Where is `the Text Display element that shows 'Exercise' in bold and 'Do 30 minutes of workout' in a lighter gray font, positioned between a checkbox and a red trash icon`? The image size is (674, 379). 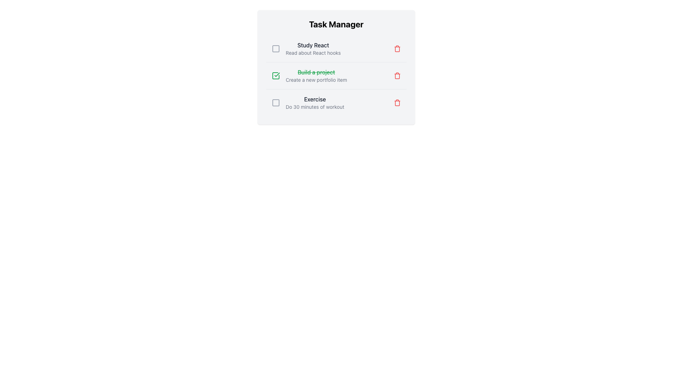 the Text Display element that shows 'Exercise' in bold and 'Do 30 minutes of workout' in a lighter gray font, positioned between a checkbox and a red trash icon is located at coordinates (315, 103).